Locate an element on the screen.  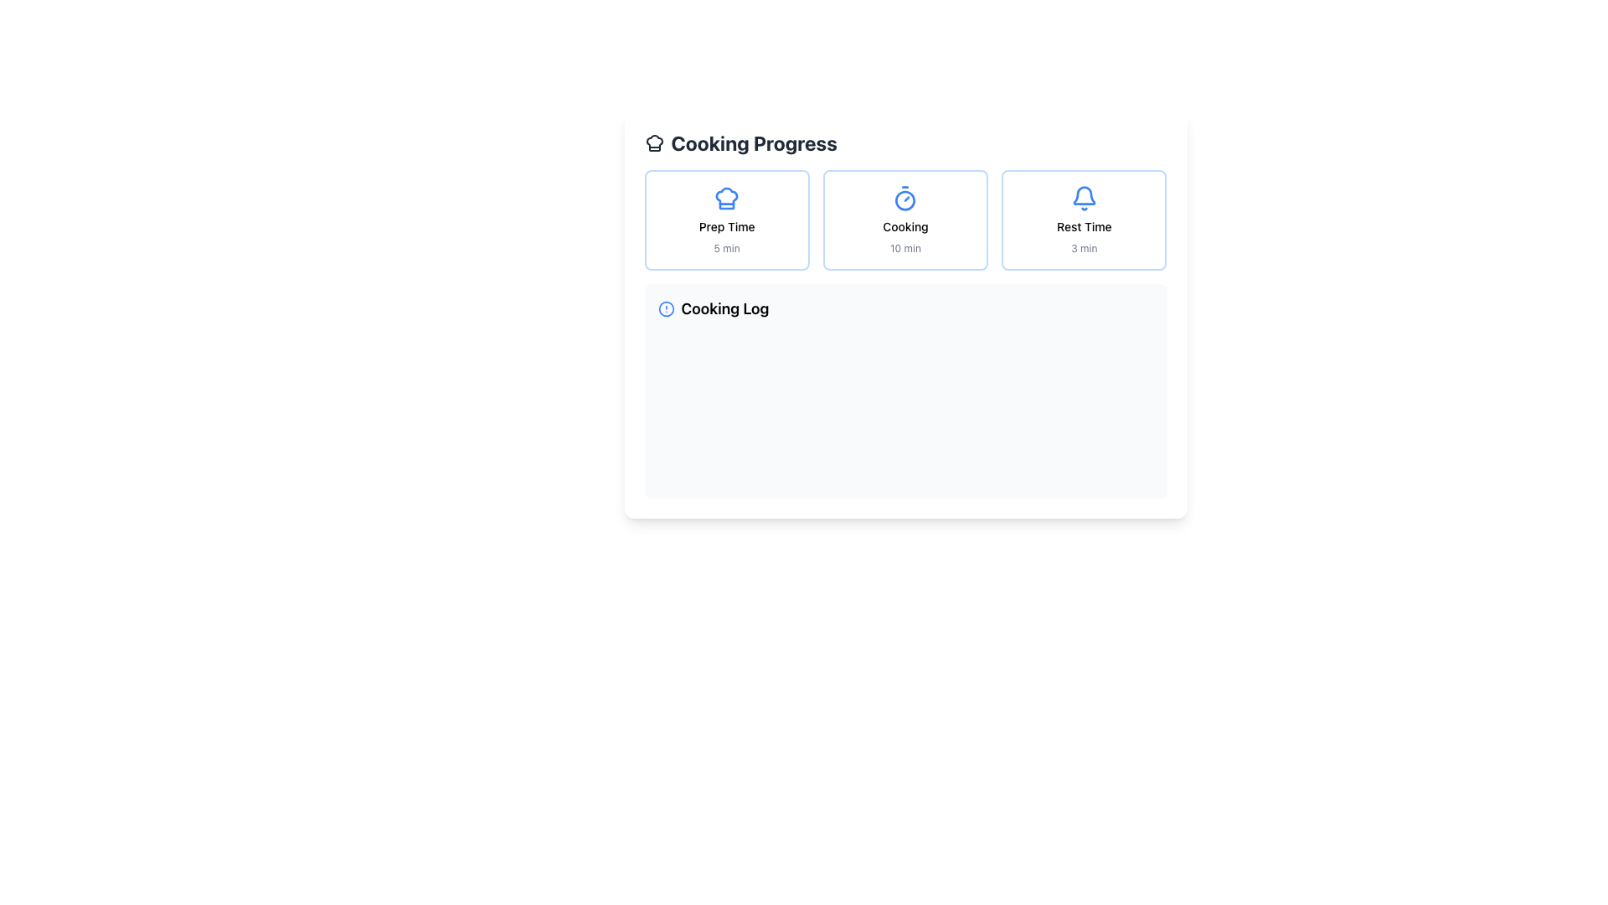
information displayed on the informative card titled 'Cooking' which contains a blue stopwatch icon, the text 'Cooking' in bold black font, and '10 min' in gray font below it is located at coordinates (904, 219).